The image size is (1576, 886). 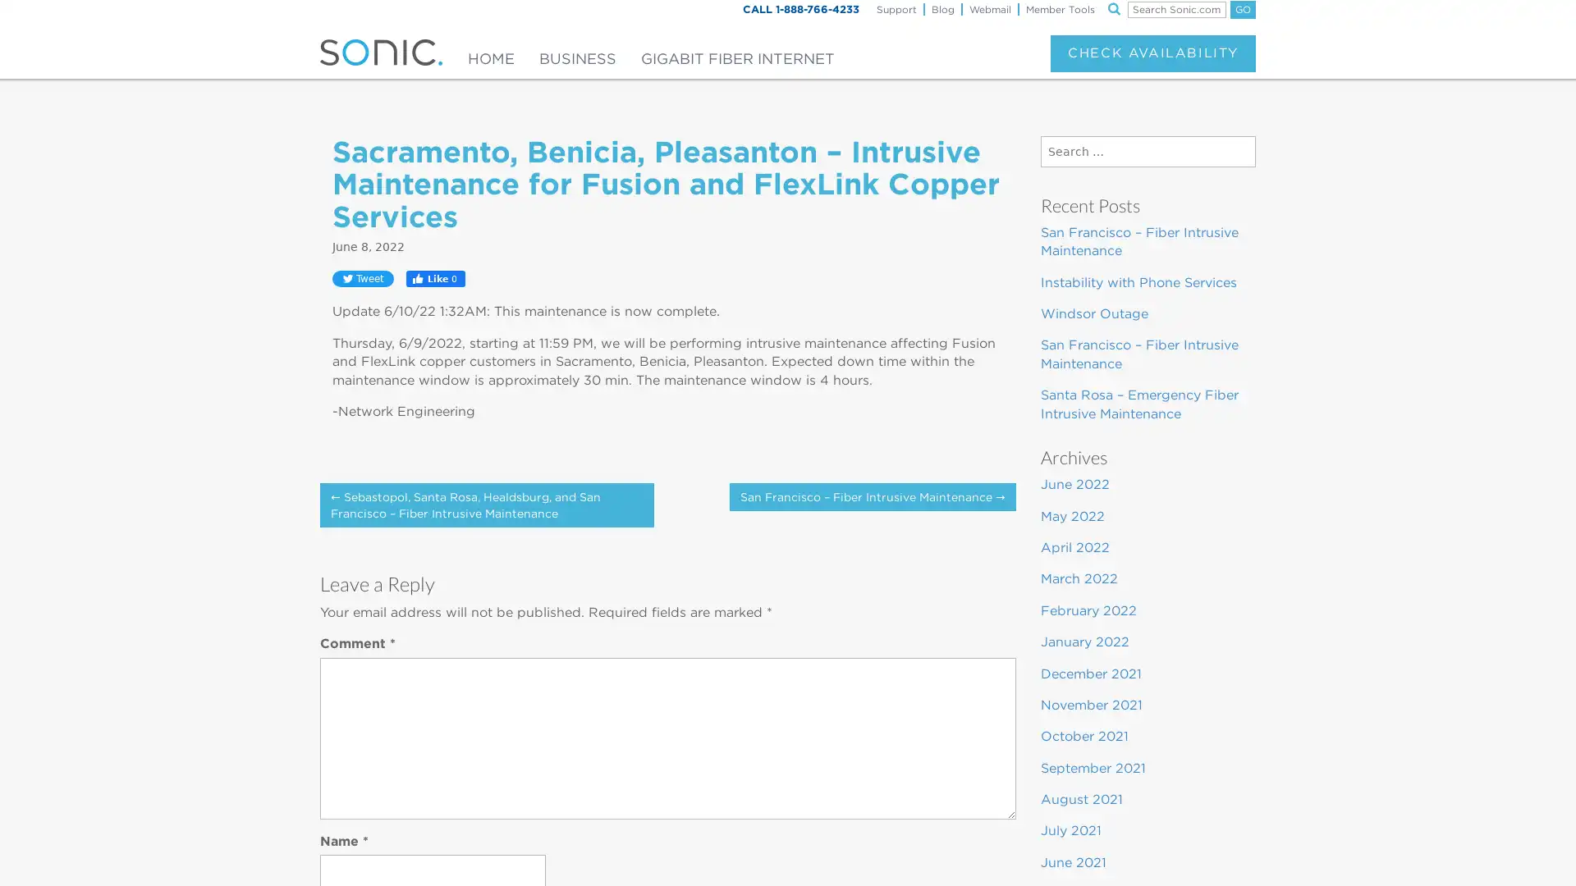 What do you see at coordinates (1243, 9) in the screenshot?
I see `GO` at bounding box center [1243, 9].